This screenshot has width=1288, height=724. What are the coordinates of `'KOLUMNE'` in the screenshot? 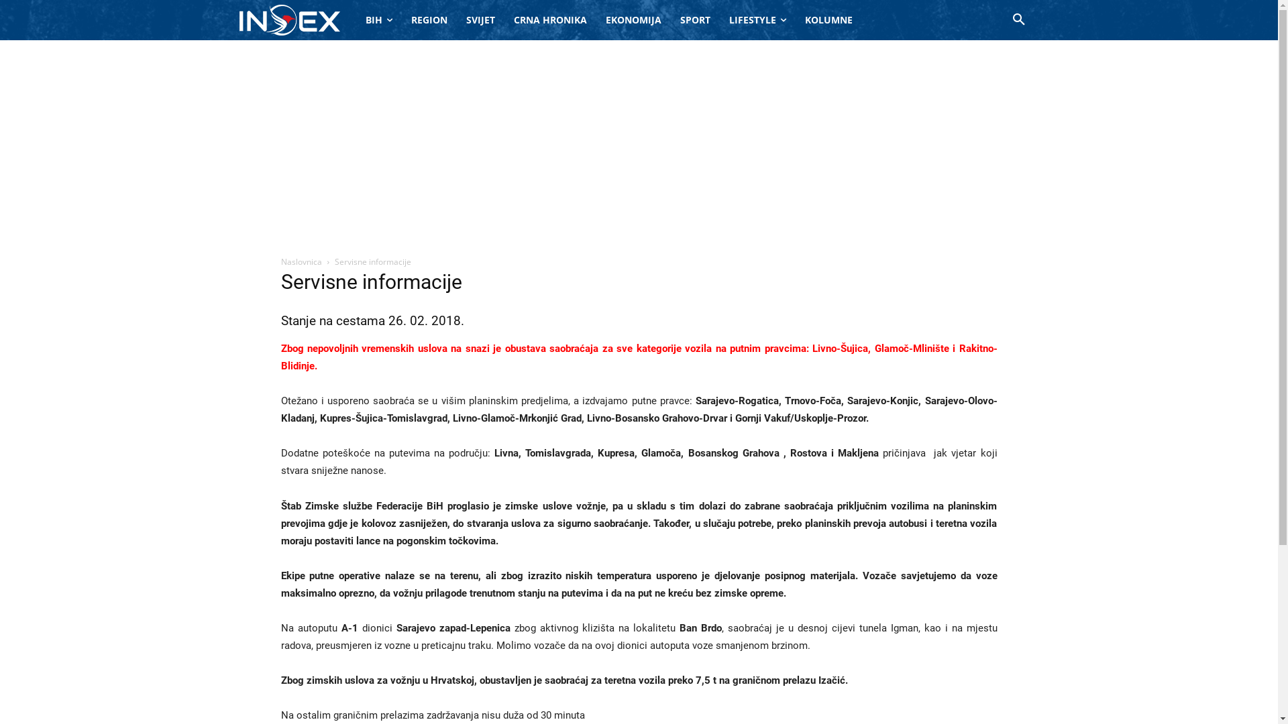 It's located at (828, 20).